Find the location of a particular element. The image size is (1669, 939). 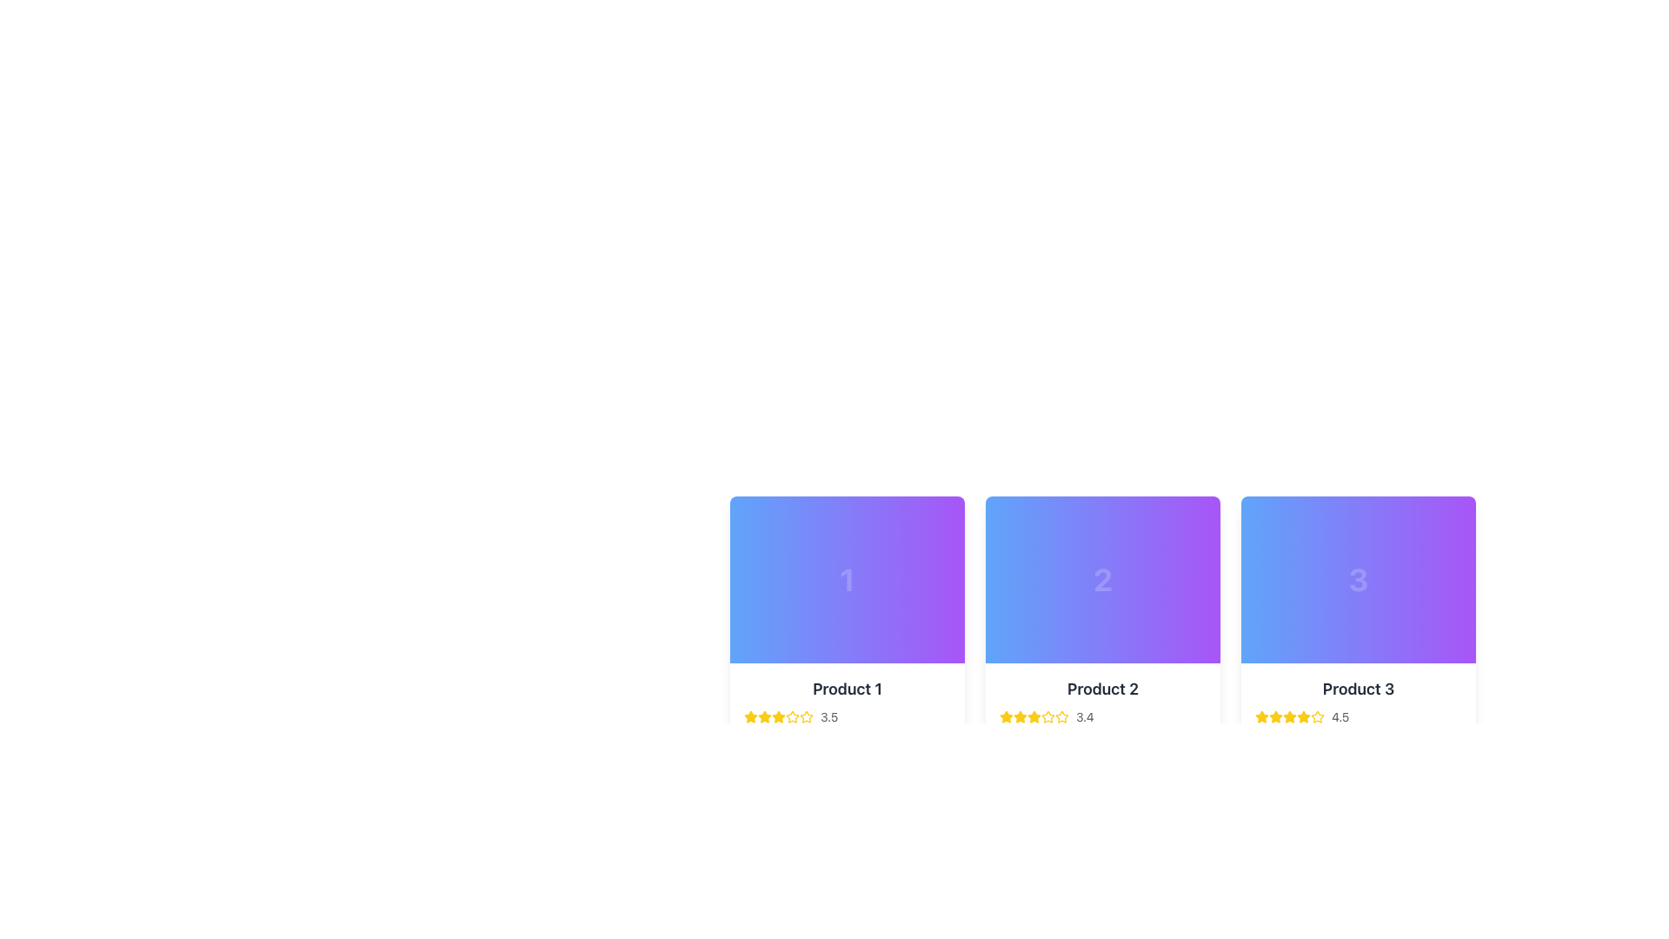

the third product display card in the top row of the grid layout, located between 'Product 2' and 'Product 4' is located at coordinates (1358, 636).